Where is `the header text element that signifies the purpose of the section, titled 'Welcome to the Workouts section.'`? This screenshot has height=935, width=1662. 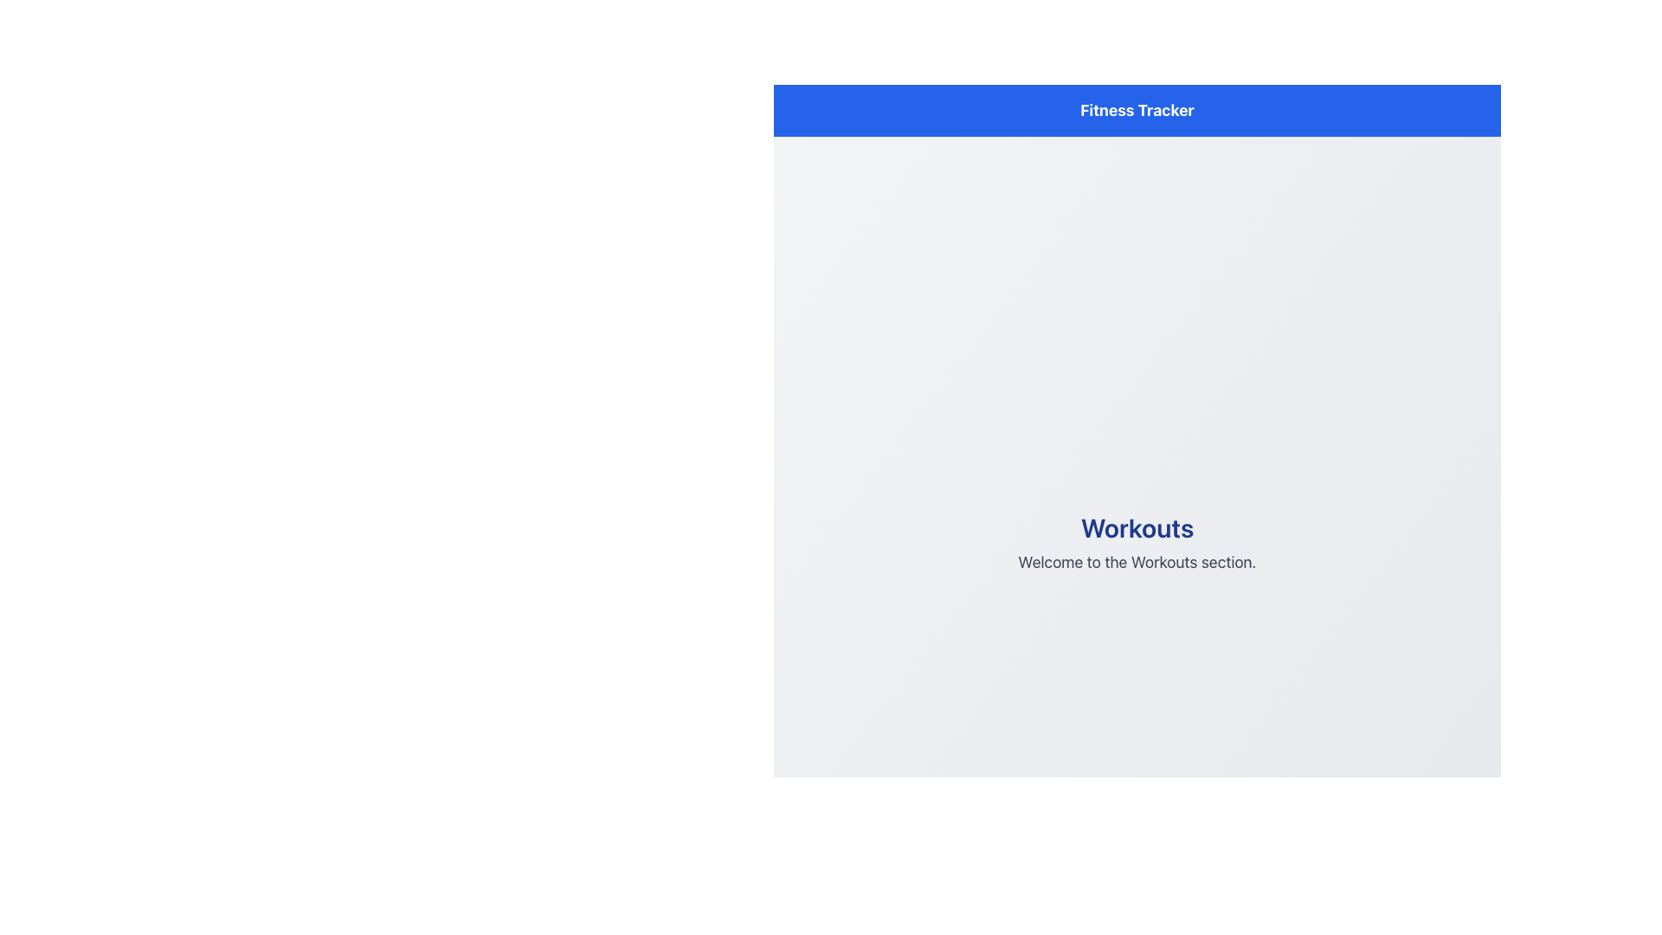
the header text element that signifies the purpose of the section, titled 'Welcome to the Workouts section.' is located at coordinates (1137, 526).